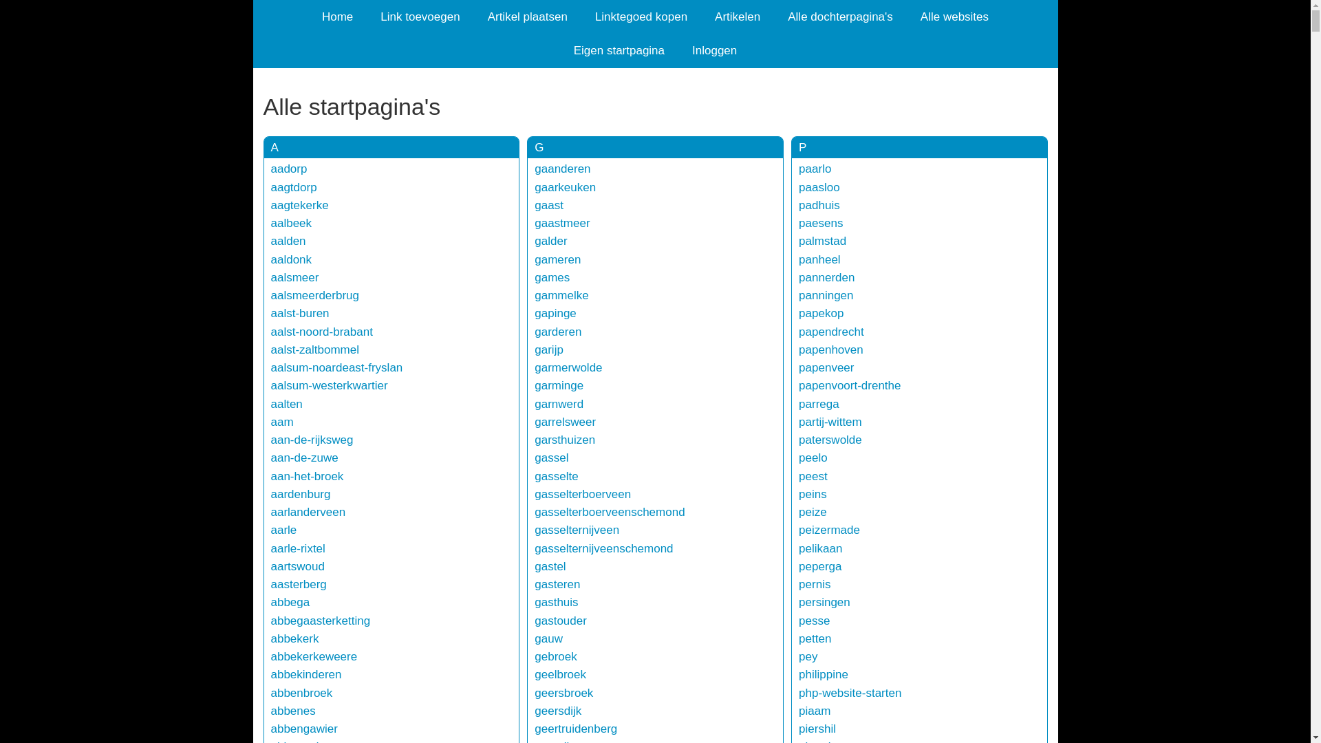 The width and height of the screenshot is (1321, 743). Describe the element at coordinates (820, 548) in the screenshot. I see `'pelikaan'` at that location.